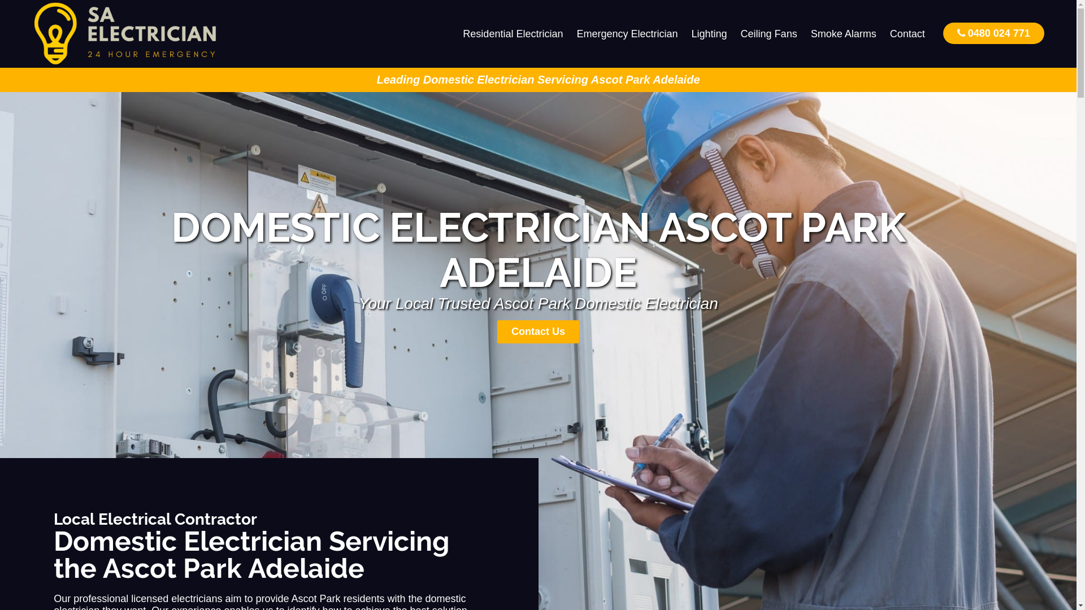 The image size is (1085, 610). I want to click on 'Smoke Alarms', so click(843, 33).